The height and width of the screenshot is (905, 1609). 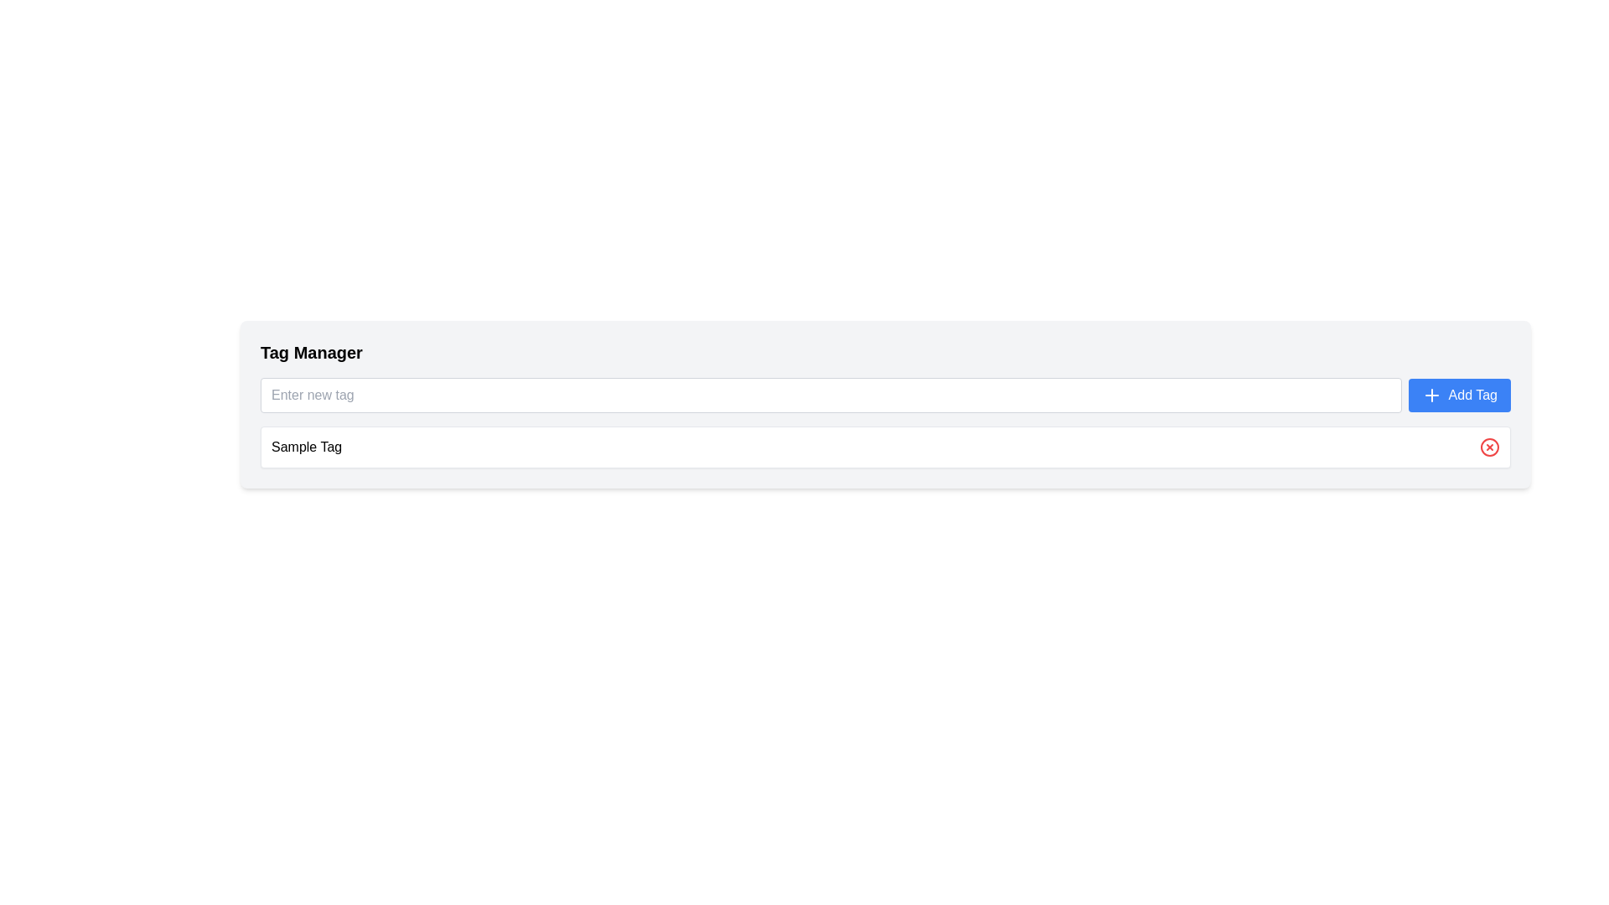 What do you see at coordinates (1431, 395) in the screenshot?
I see `the SVG icon located inside the 'Add Tag' button, which visually signifies the act of adding, positioned on the left side of the button's text` at bounding box center [1431, 395].